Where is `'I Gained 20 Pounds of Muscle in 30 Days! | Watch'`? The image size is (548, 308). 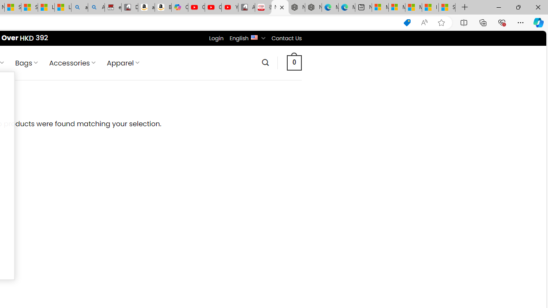
'I Gained 20 Pounds of Muscle in 30 Days! | Watch' is located at coordinates (430, 7).